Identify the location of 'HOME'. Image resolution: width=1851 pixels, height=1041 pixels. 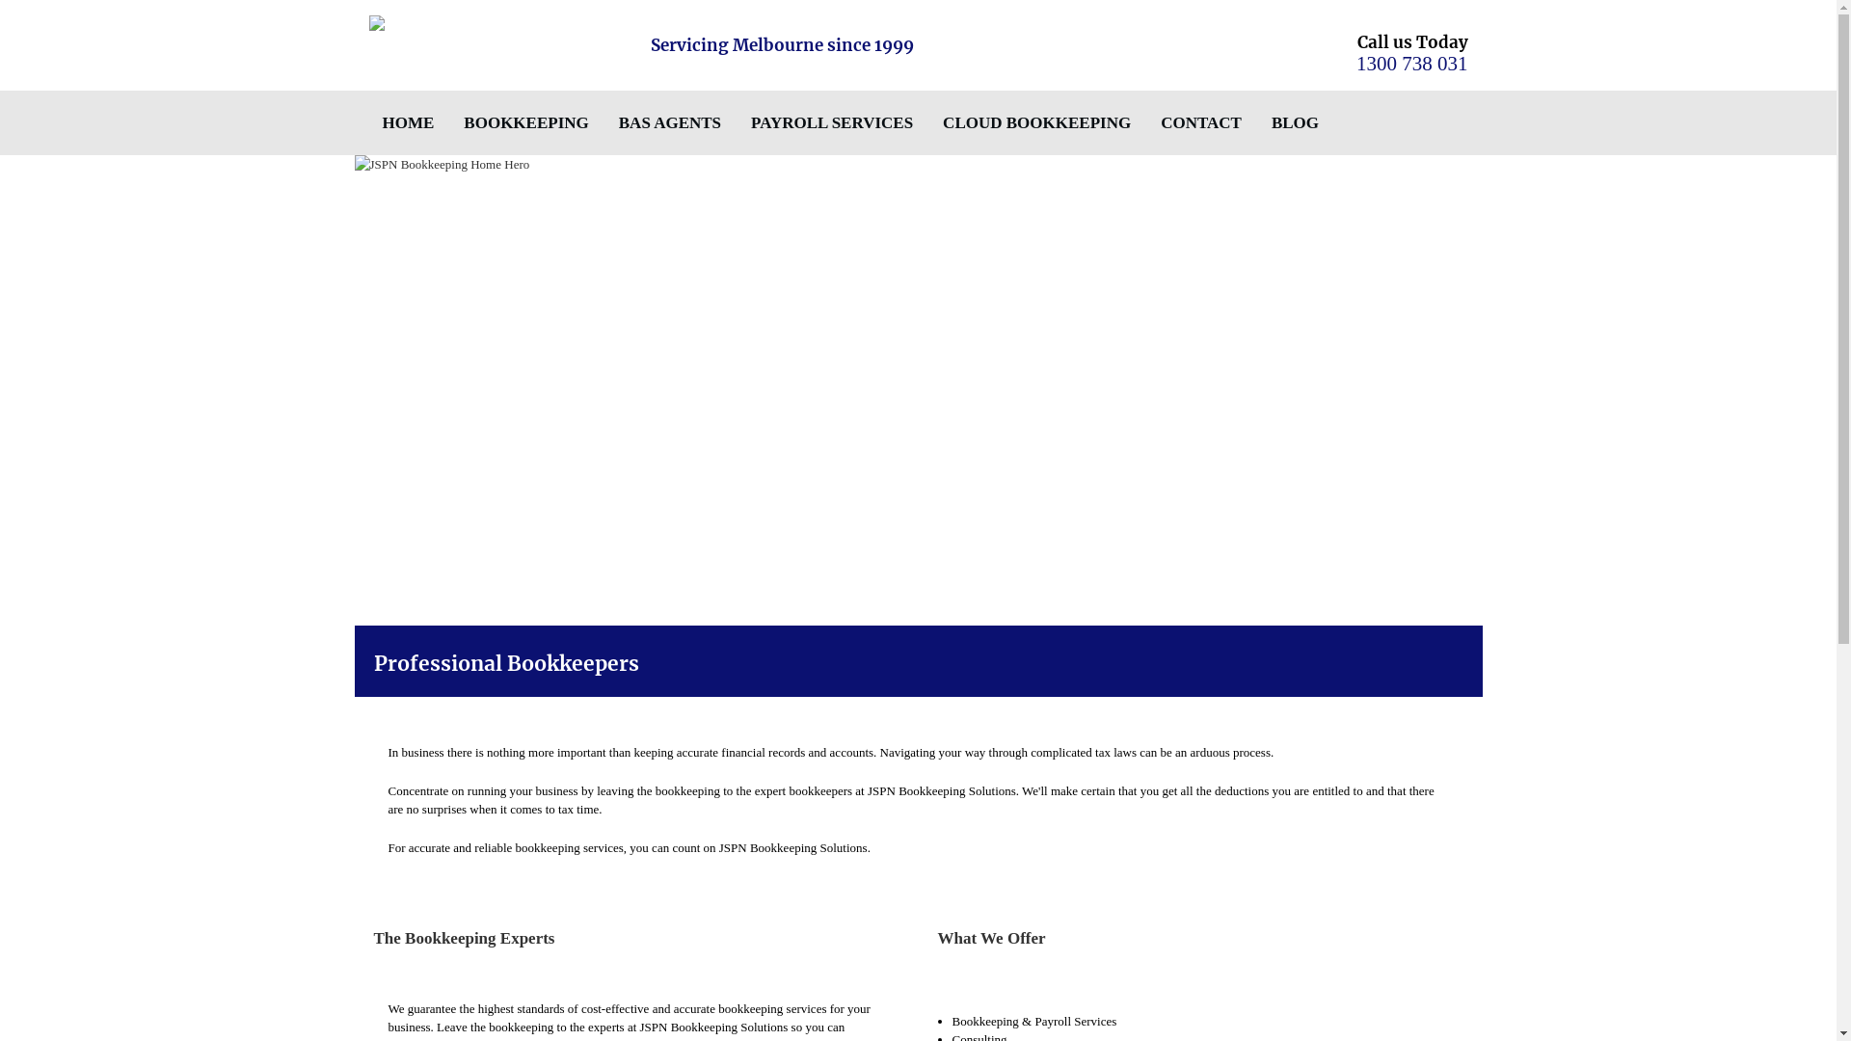
(406, 122).